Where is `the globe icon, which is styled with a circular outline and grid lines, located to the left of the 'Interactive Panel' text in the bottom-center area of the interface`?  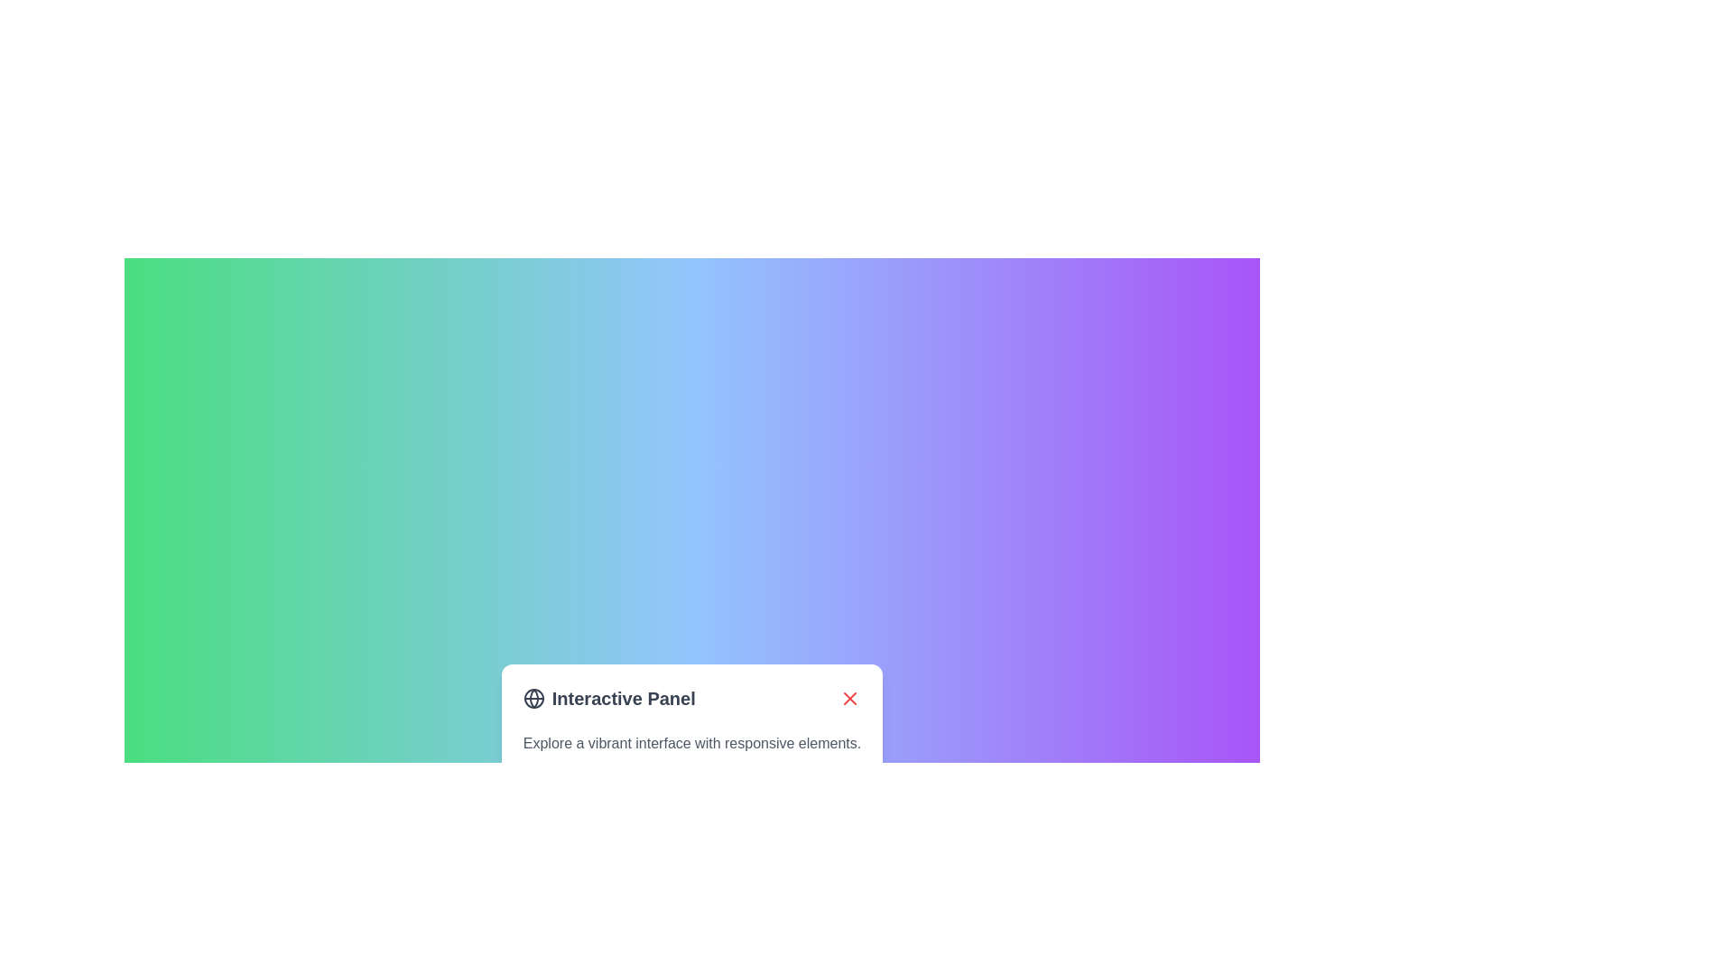
the globe icon, which is styled with a circular outline and grid lines, located to the left of the 'Interactive Panel' text in the bottom-center area of the interface is located at coordinates (533, 698).